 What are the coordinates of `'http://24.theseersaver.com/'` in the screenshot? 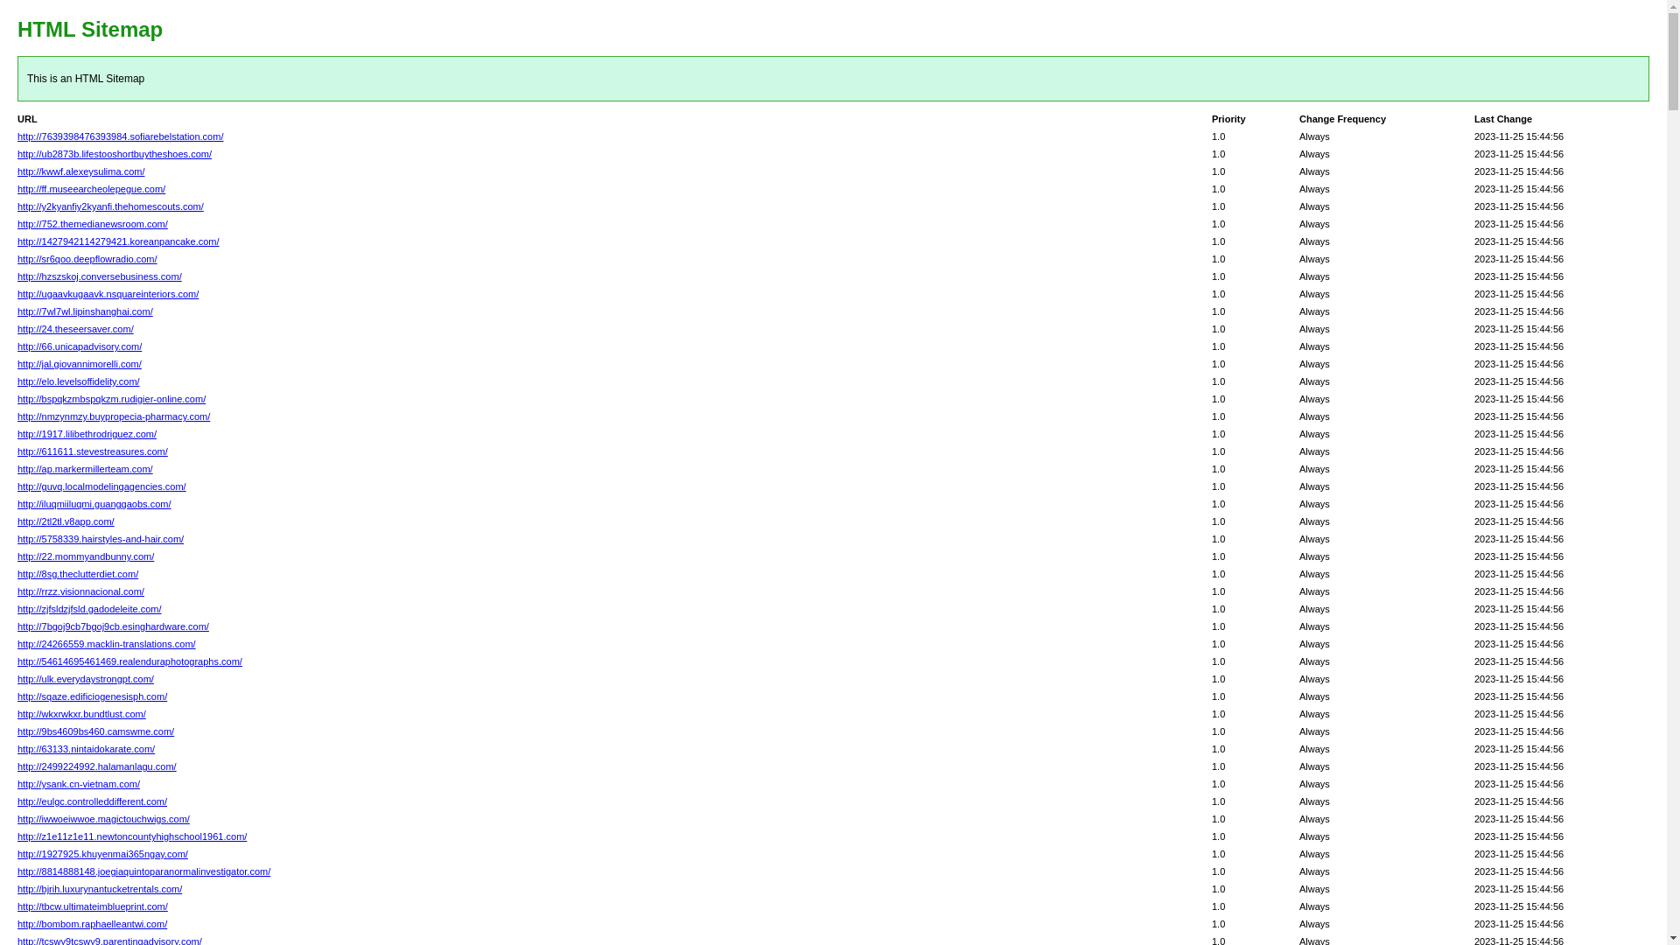 It's located at (74, 328).